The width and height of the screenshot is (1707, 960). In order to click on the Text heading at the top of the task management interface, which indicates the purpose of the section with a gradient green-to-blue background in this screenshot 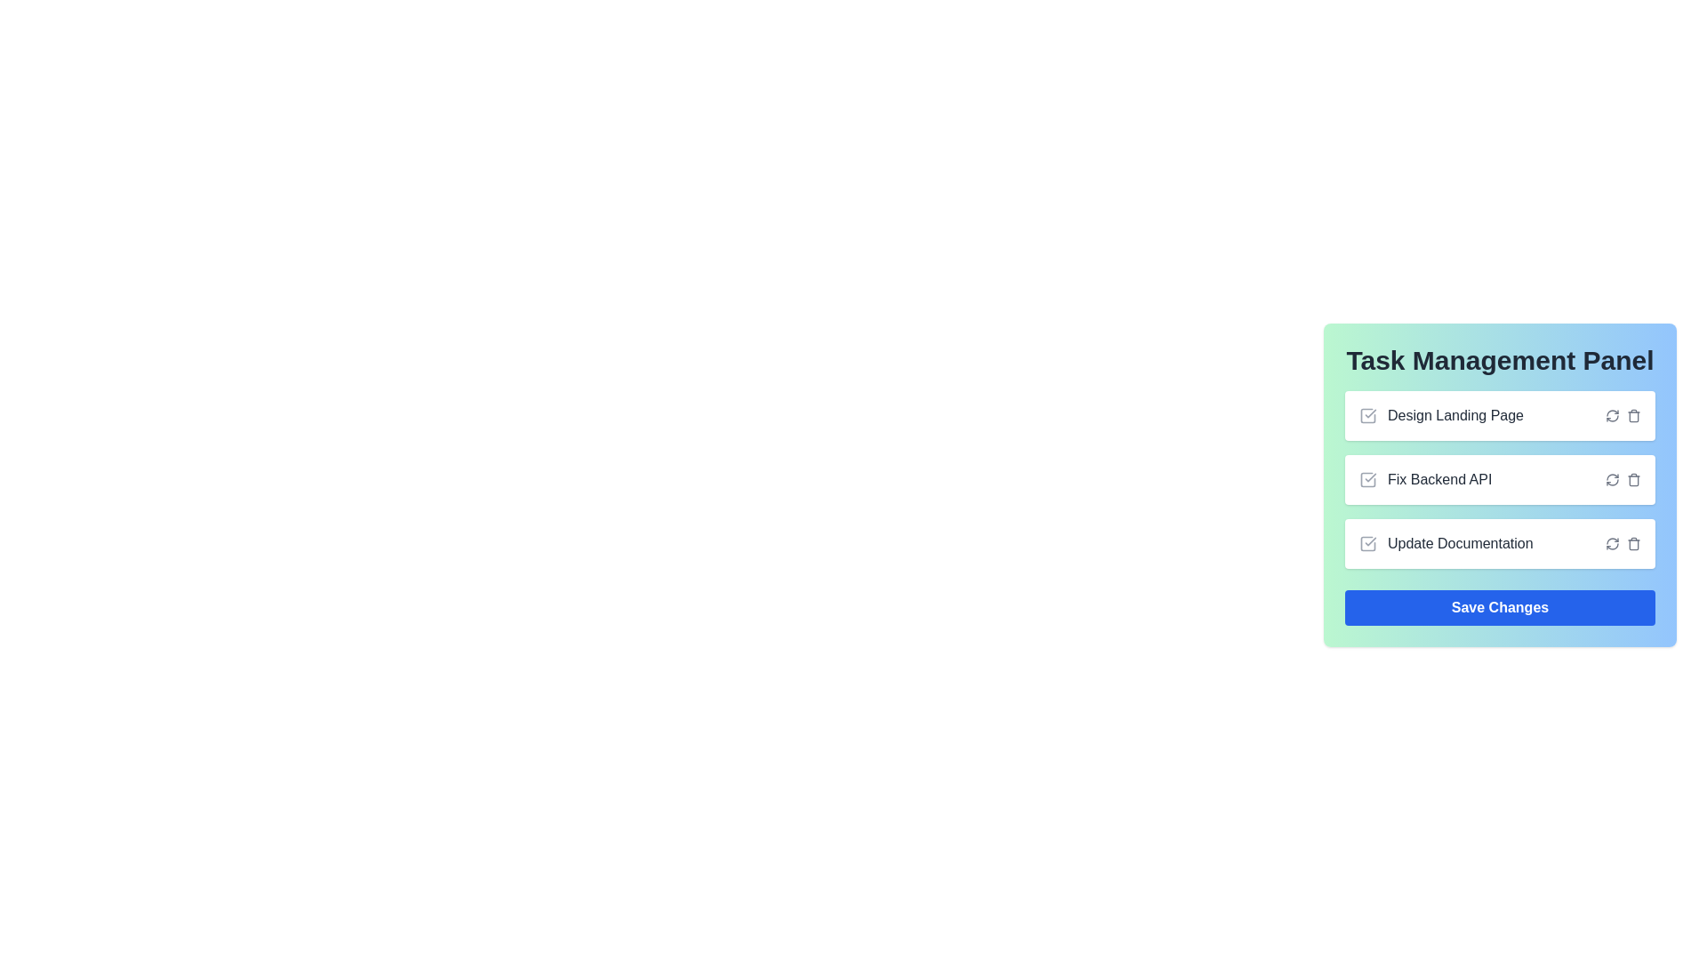, I will do `click(1499, 360)`.